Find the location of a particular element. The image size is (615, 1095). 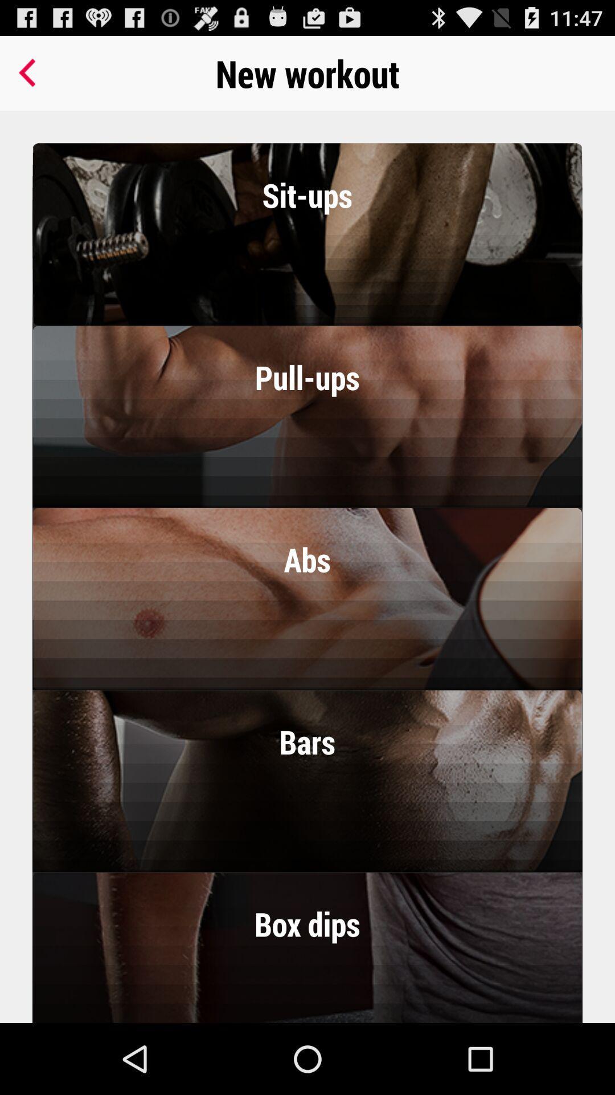

item next to the new workout item is located at coordinates (29, 72).